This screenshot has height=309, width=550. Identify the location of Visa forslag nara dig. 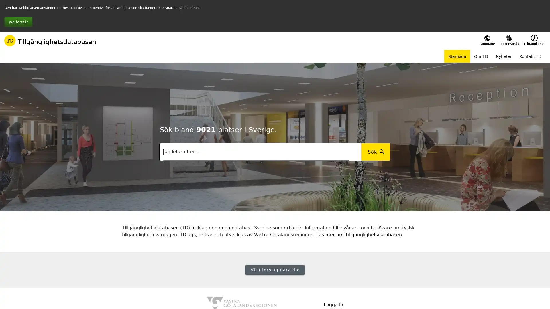
(274, 270).